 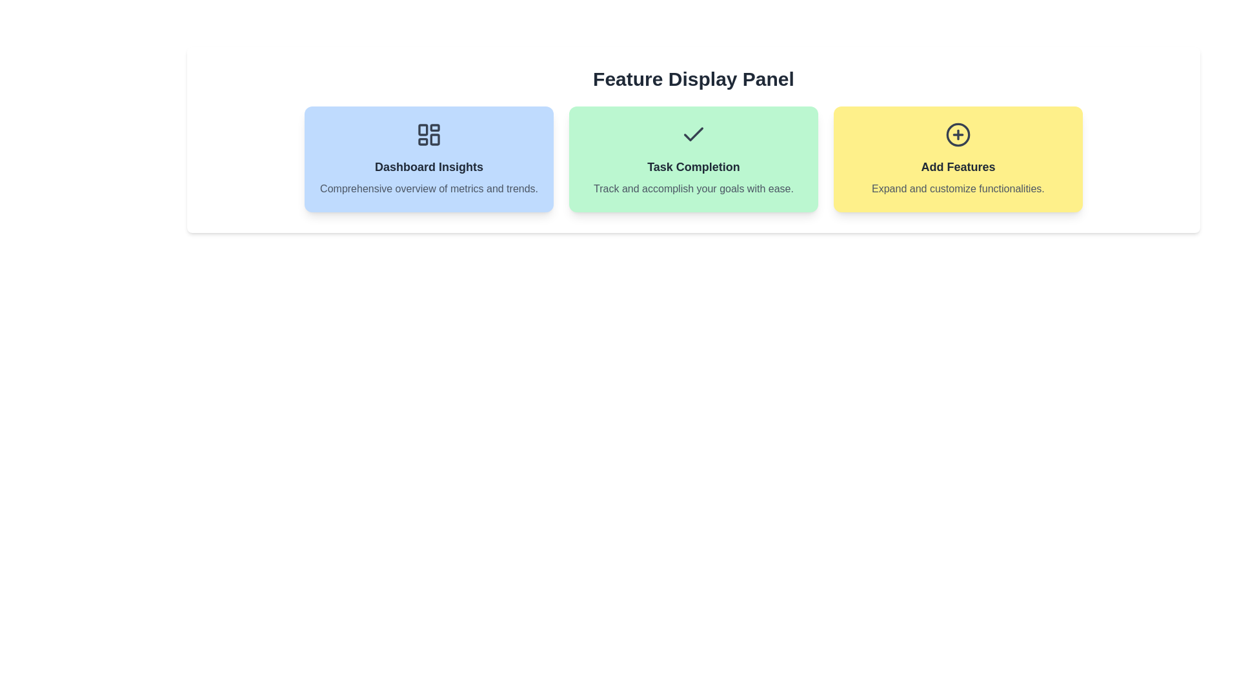 I want to click on the text label that prominently displays 'Dashboard Insights', which is styled with a bold font and a dark gray color against a light blue background, so click(x=429, y=166).